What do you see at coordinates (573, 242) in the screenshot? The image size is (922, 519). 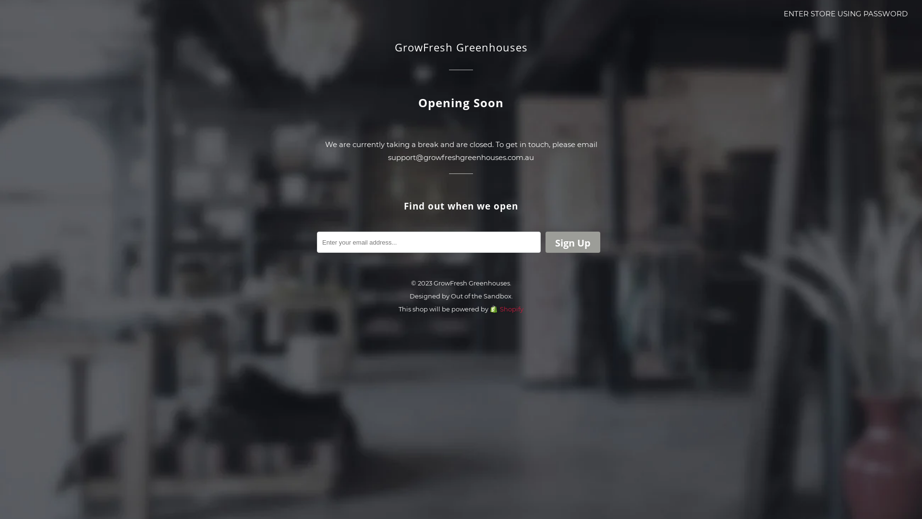 I see `'Sign Up'` at bounding box center [573, 242].